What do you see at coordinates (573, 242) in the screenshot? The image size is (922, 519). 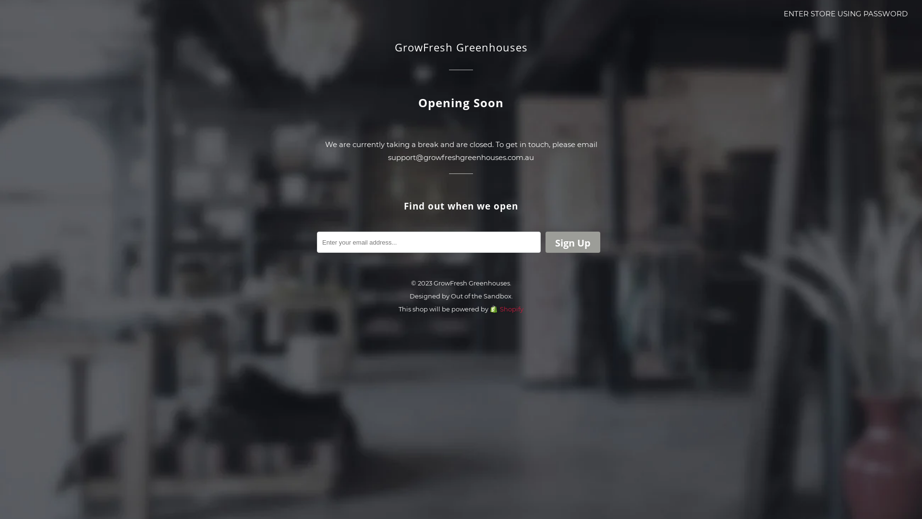 I see `'Sign Up'` at bounding box center [573, 242].